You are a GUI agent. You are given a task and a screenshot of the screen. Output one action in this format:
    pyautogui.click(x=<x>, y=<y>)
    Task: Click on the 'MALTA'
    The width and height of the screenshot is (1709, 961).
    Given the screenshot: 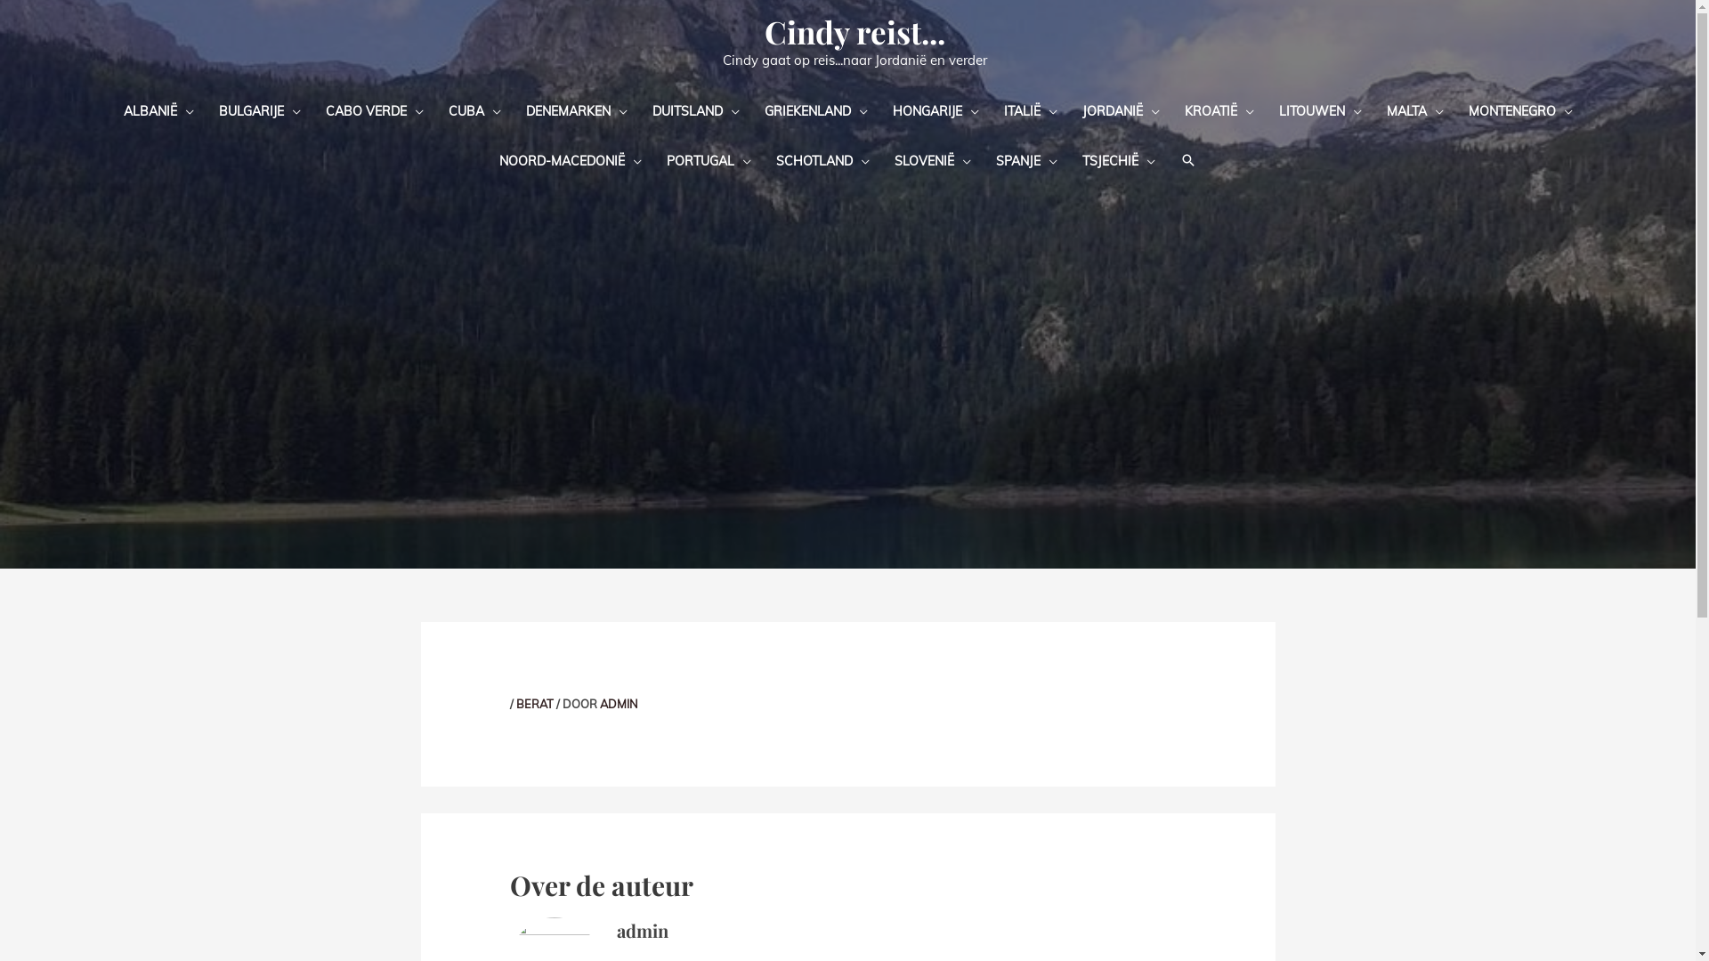 What is the action you would take?
    pyautogui.click(x=1413, y=109)
    